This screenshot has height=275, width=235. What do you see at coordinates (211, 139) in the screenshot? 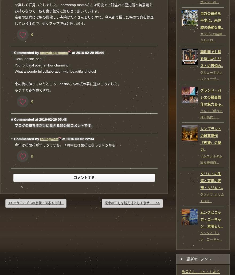
I see `'レンブラントの最高傑作『夜警』の魅力..'` at bounding box center [211, 139].